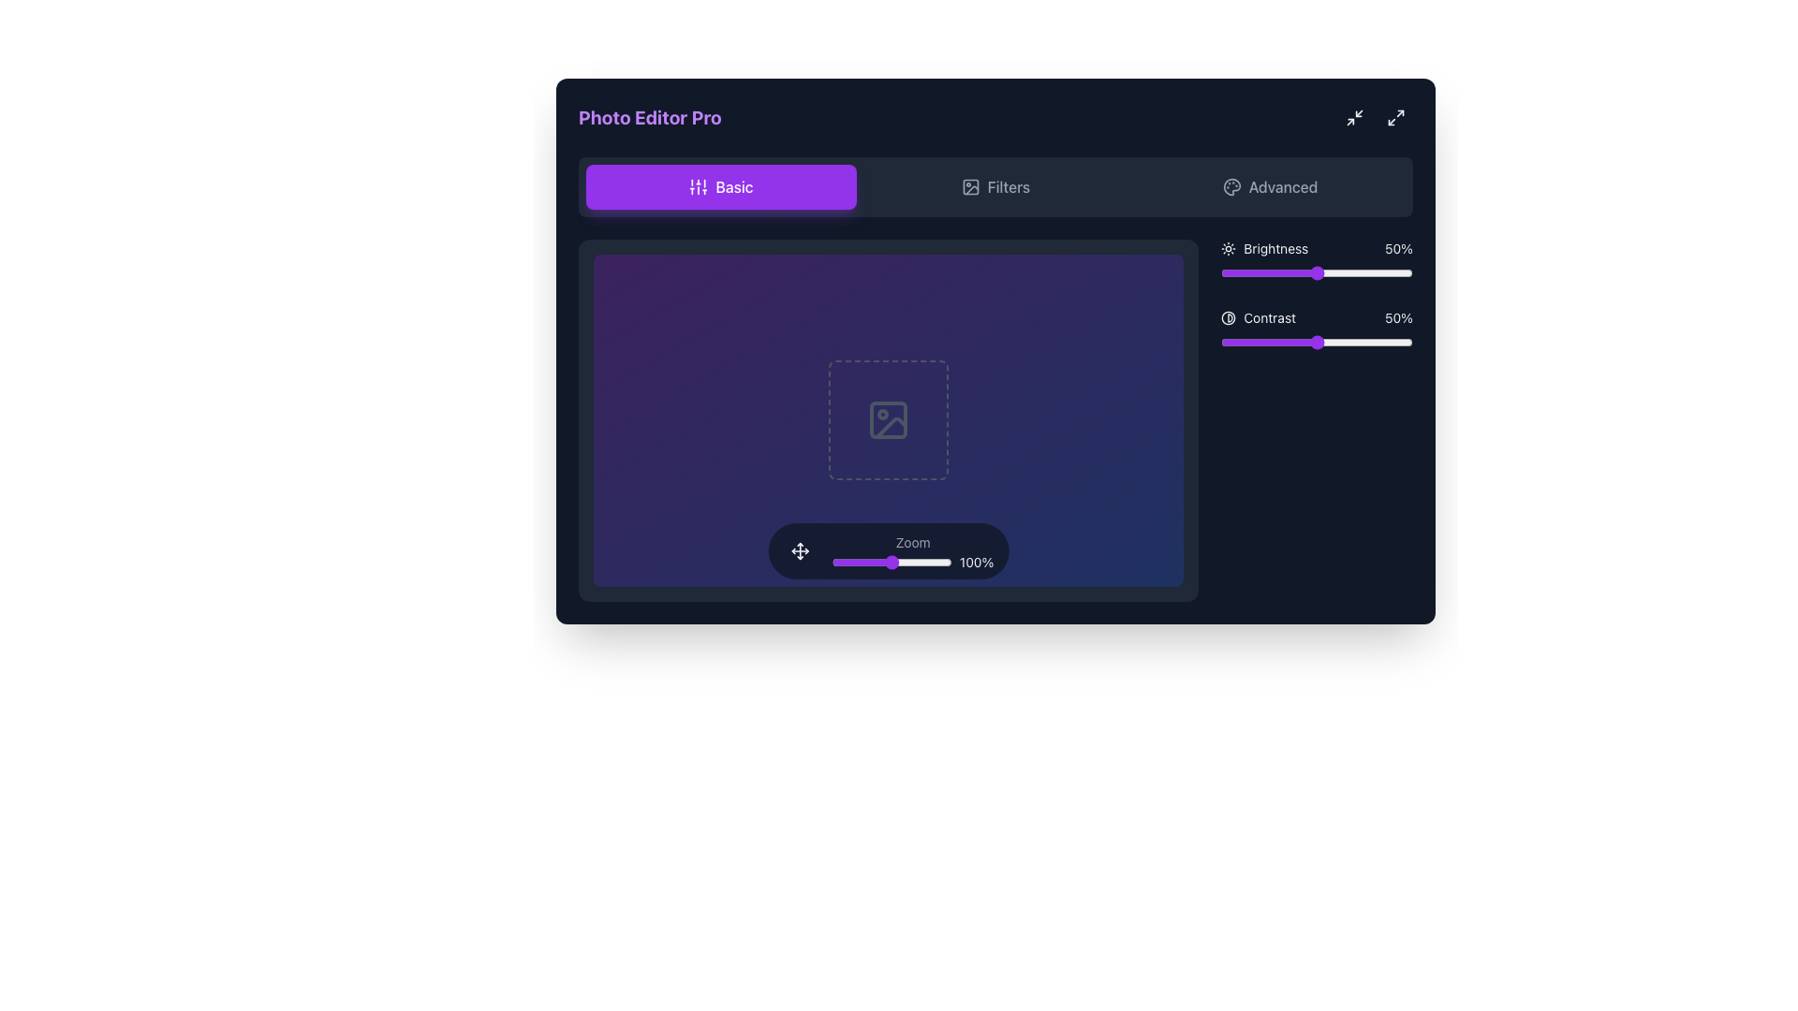  I want to click on the square button with a dark background and an icon resembling two arrows pointing inward, so click(1354, 118).